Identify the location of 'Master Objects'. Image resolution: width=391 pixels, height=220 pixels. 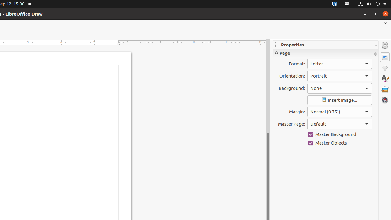
(339, 143).